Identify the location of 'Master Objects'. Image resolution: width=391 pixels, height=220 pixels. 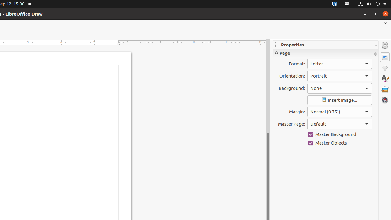
(339, 143).